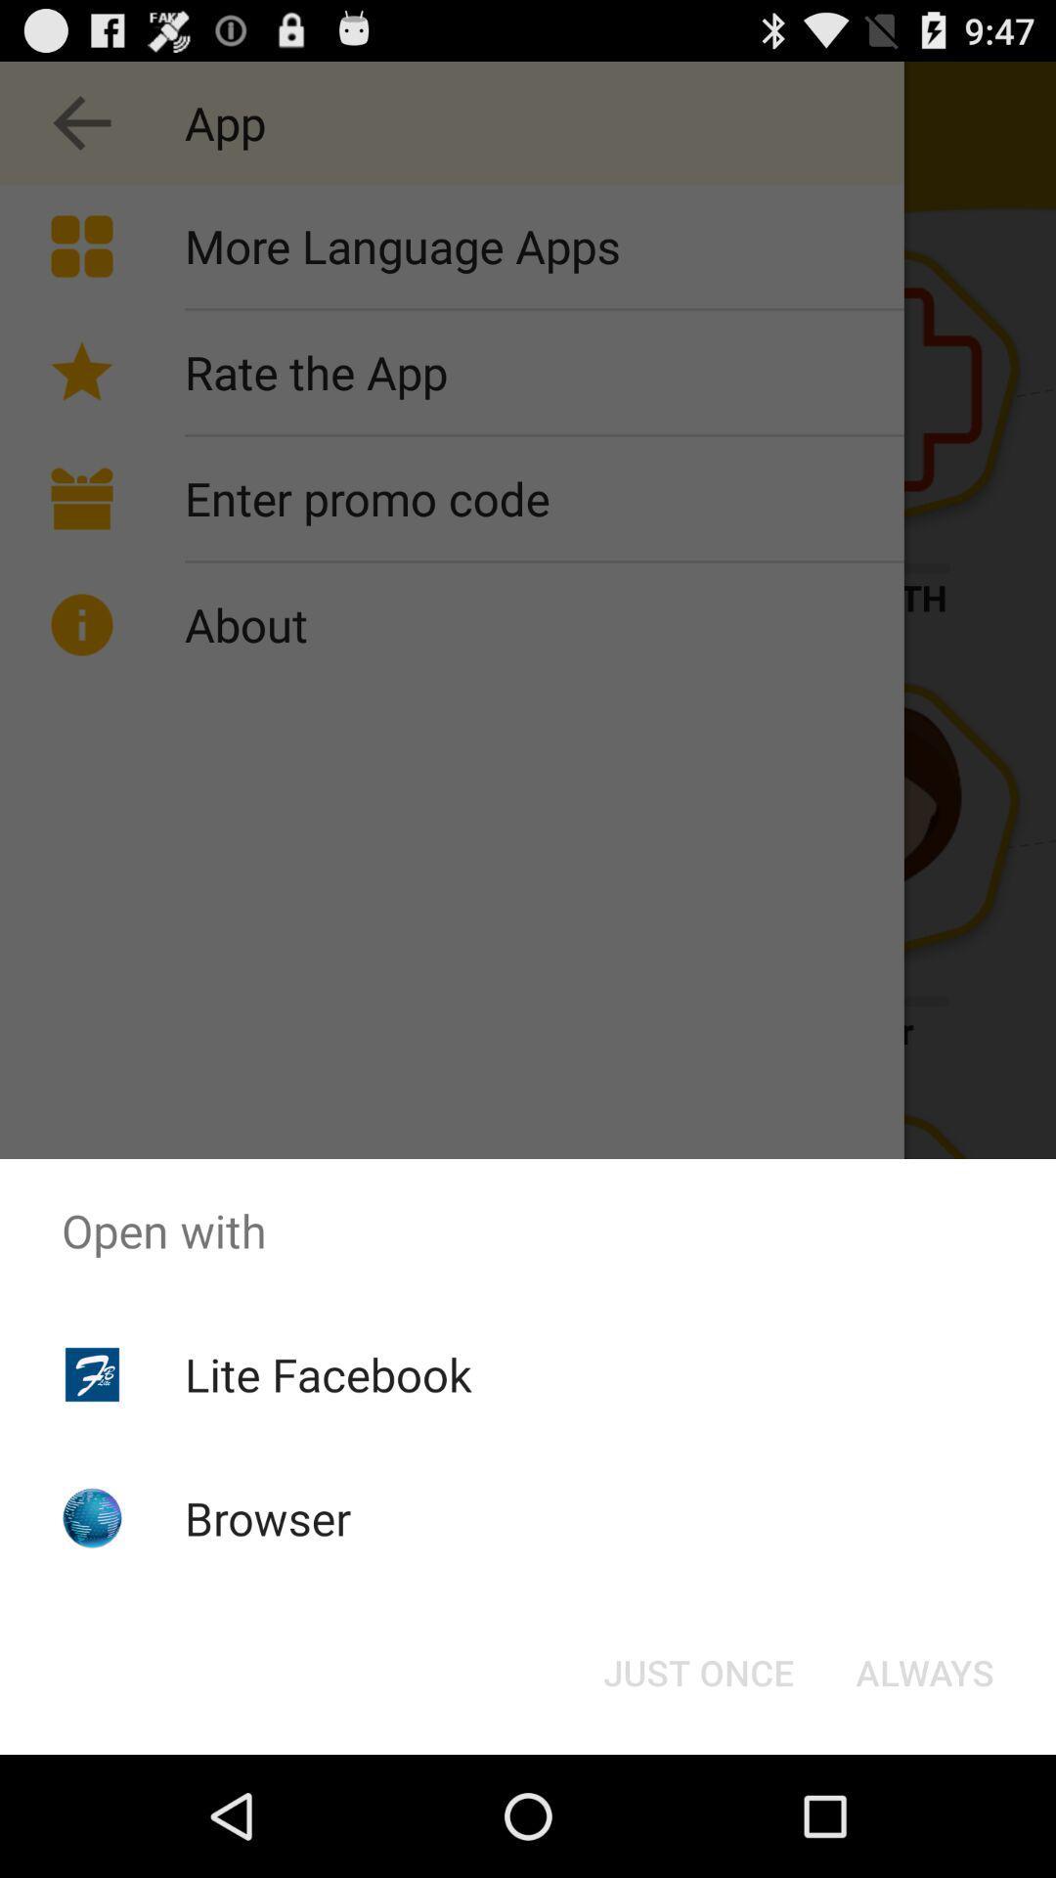 The height and width of the screenshot is (1878, 1056). What do you see at coordinates (924, 1671) in the screenshot?
I see `the icon next to just once button` at bounding box center [924, 1671].